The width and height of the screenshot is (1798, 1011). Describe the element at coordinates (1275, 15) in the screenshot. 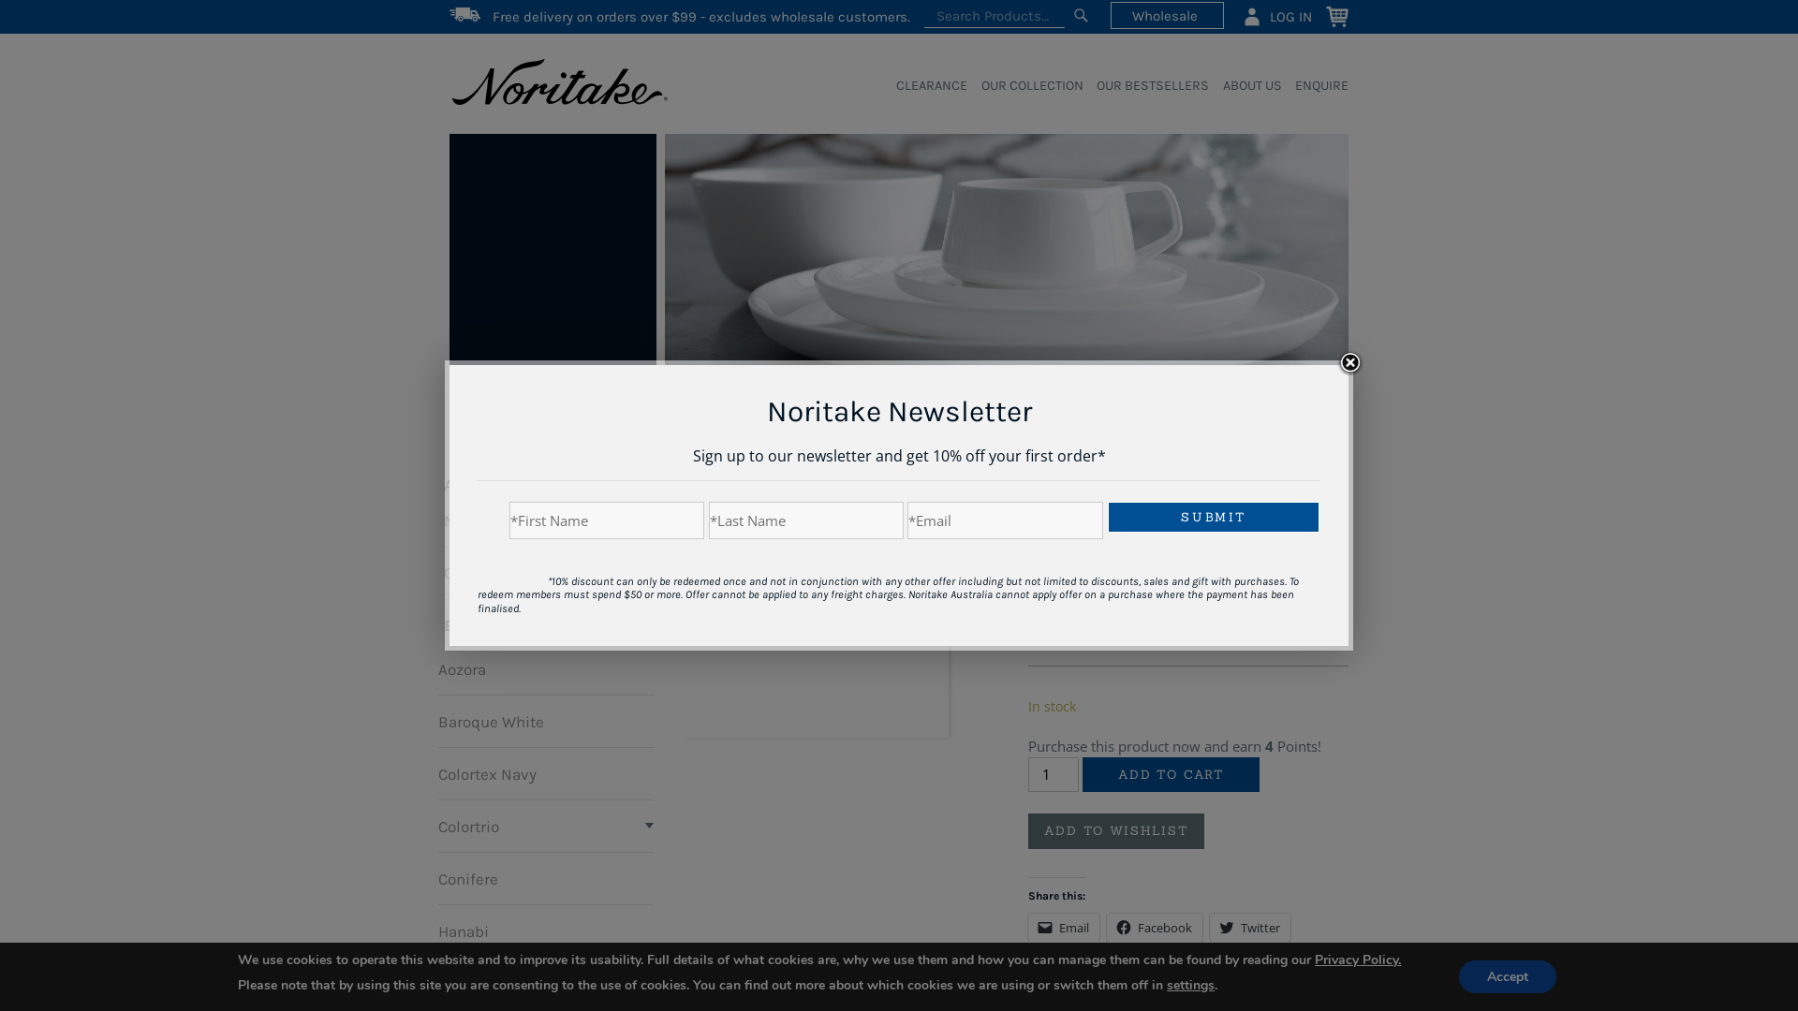

I see `'LOG IN'` at that location.